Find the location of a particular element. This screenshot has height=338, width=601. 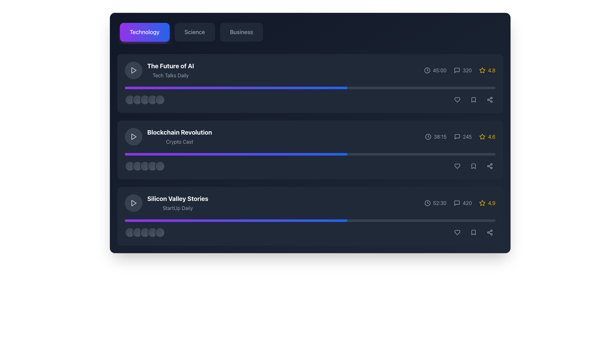

the yellow star icon and rating label displaying '4.8' located at the far right side of the horizontal row of items is located at coordinates (487, 70).